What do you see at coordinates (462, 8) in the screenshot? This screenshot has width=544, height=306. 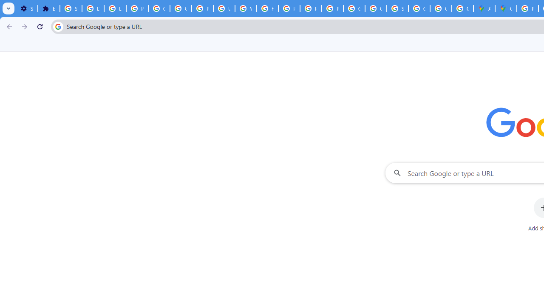 I see `'Create your Google Account'` at bounding box center [462, 8].